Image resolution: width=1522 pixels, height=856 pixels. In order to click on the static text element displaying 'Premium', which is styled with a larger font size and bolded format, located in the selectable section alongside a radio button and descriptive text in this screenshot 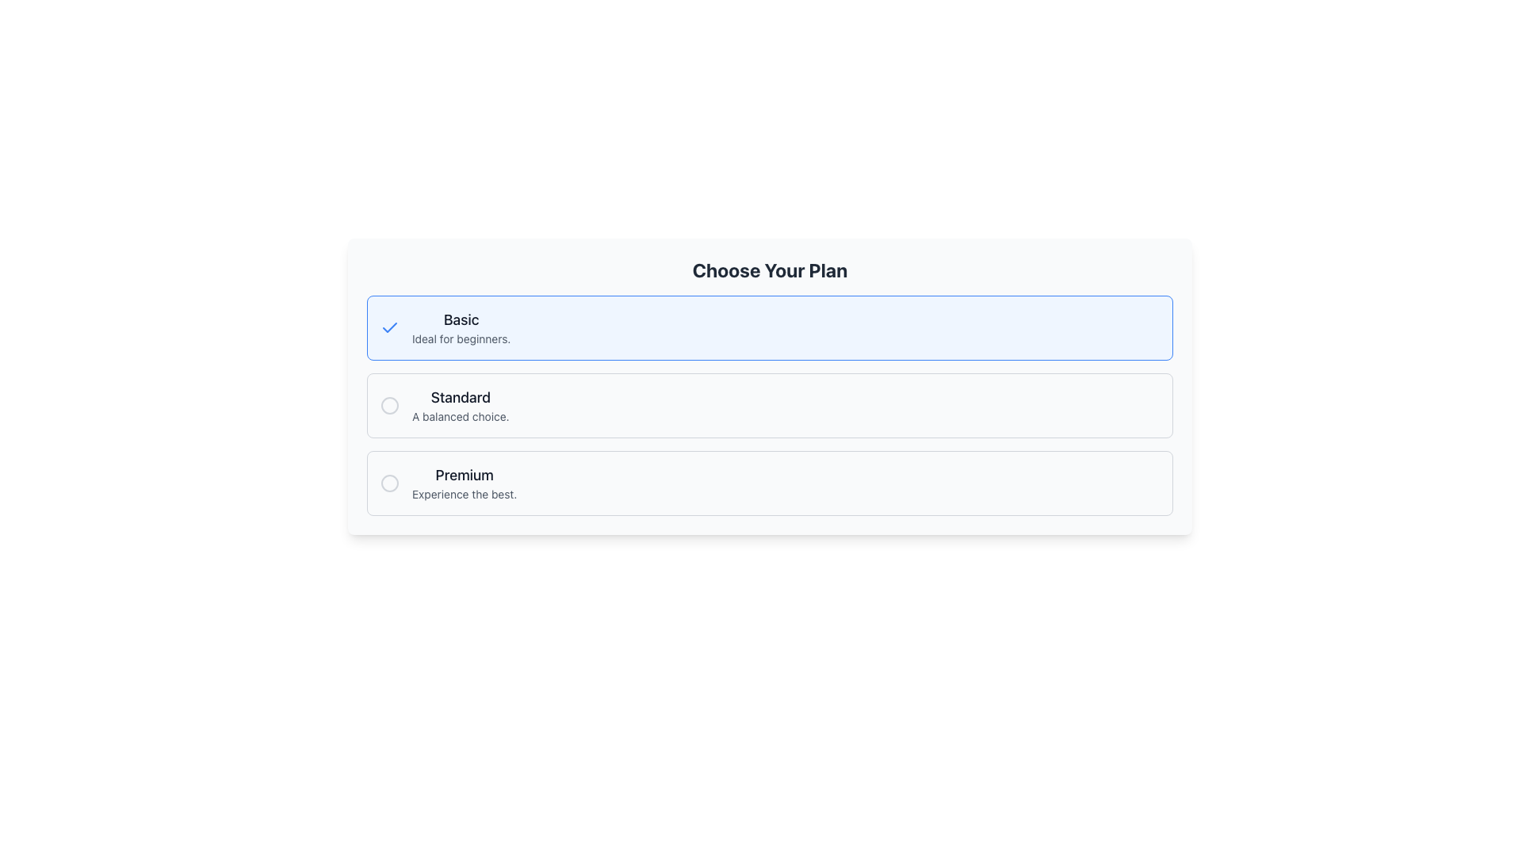, I will do `click(464, 475)`.